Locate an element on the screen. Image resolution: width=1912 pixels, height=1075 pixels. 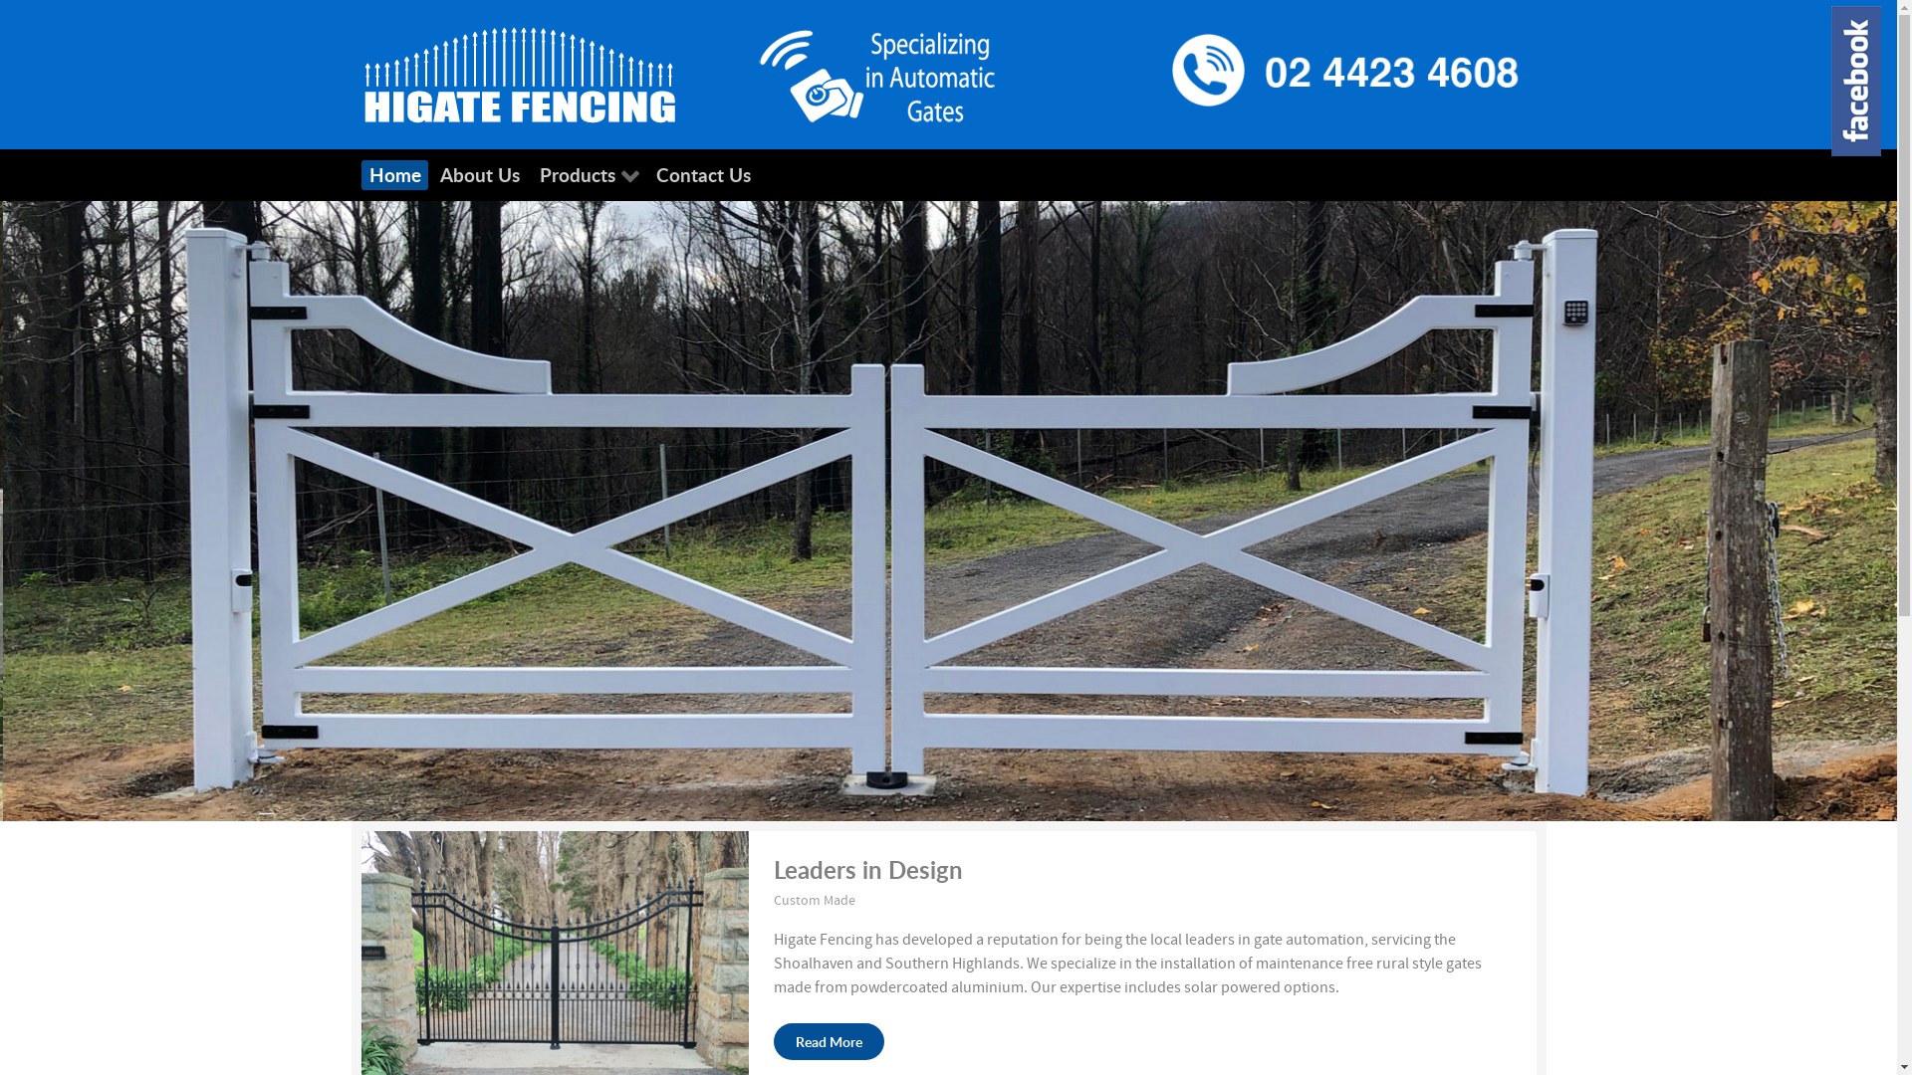
'Callisto' is located at coordinates (359, 72).